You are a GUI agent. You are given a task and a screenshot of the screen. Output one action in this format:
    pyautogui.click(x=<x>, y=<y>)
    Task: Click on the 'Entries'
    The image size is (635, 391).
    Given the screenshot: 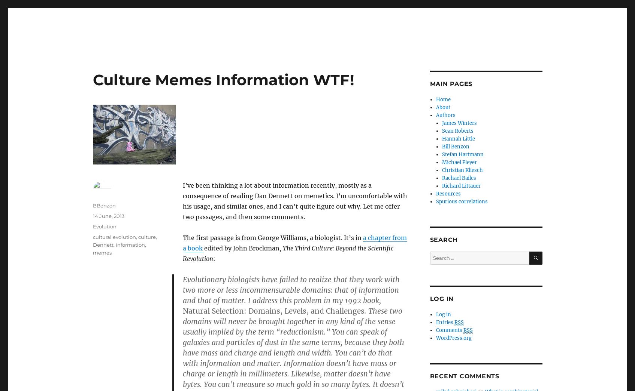 What is the action you would take?
    pyautogui.click(x=445, y=322)
    